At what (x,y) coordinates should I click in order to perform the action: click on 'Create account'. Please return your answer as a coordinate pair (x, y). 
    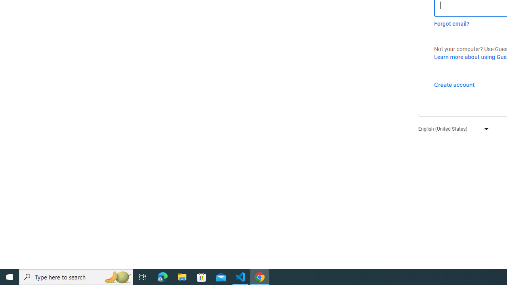
    Looking at the image, I should click on (454, 84).